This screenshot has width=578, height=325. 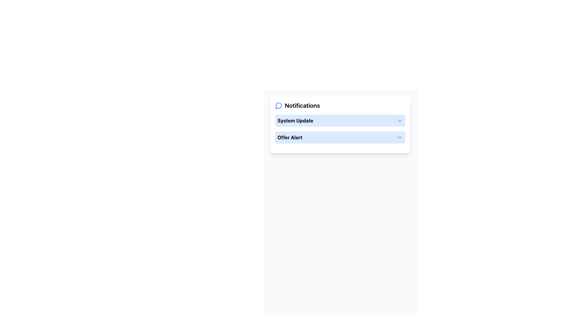 What do you see at coordinates (340, 137) in the screenshot?
I see `the 'Offer Alert' dropdown button located under the 'Notifications' section` at bounding box center [340, 137].